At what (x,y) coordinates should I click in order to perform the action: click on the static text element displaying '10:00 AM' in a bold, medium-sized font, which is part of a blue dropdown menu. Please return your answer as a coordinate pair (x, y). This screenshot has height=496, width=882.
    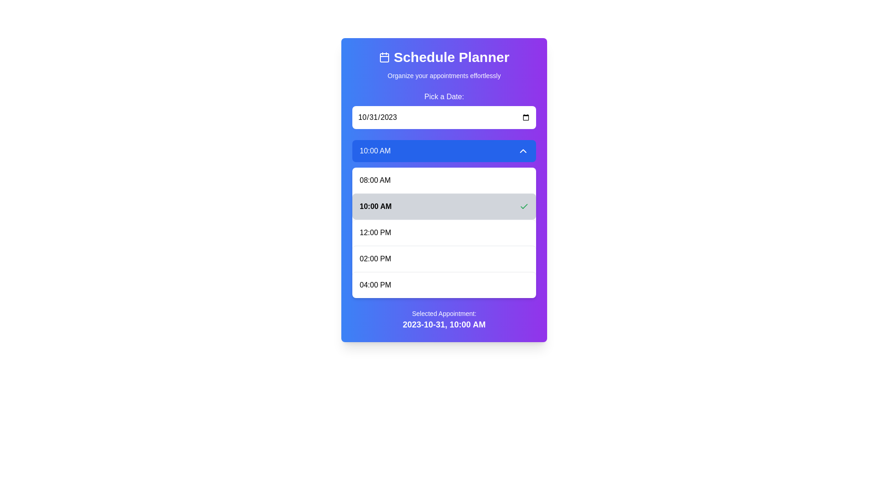
    Looking at the image, I should click on (375, 150).